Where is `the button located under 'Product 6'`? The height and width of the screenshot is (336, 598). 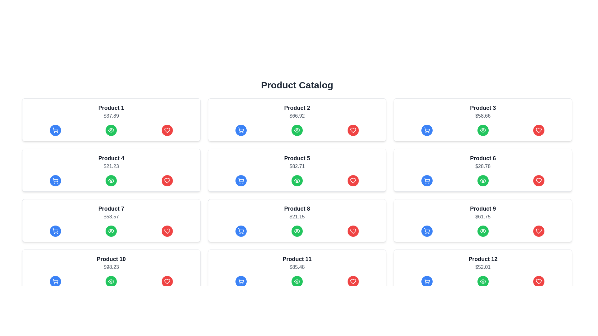 the button located under 'Product 6' is located at coordinates (482, 181).